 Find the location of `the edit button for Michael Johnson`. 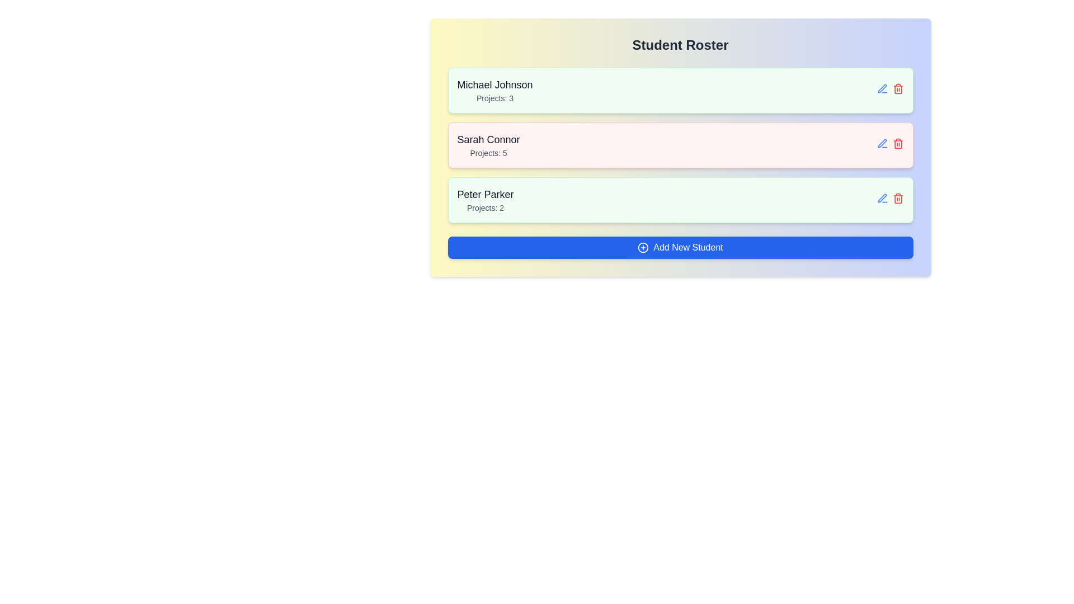

the edit button for Michael Johnson is located at coordinates (882, 88).